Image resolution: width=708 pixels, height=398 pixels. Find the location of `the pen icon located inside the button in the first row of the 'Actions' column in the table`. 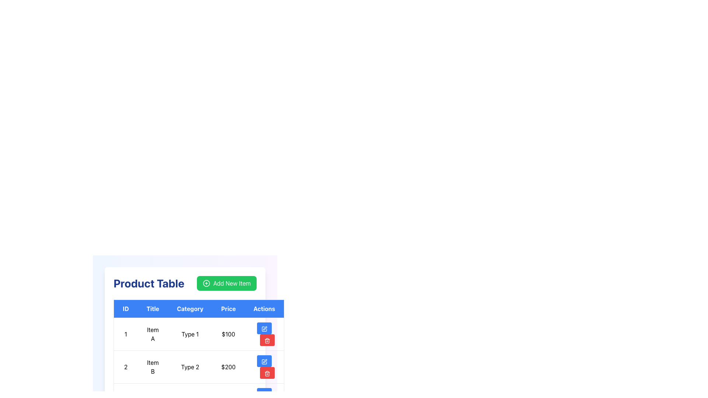

the pen icon located inside the button in the first row of the 'Actions' column in the table is located at coordinates (265, 328).